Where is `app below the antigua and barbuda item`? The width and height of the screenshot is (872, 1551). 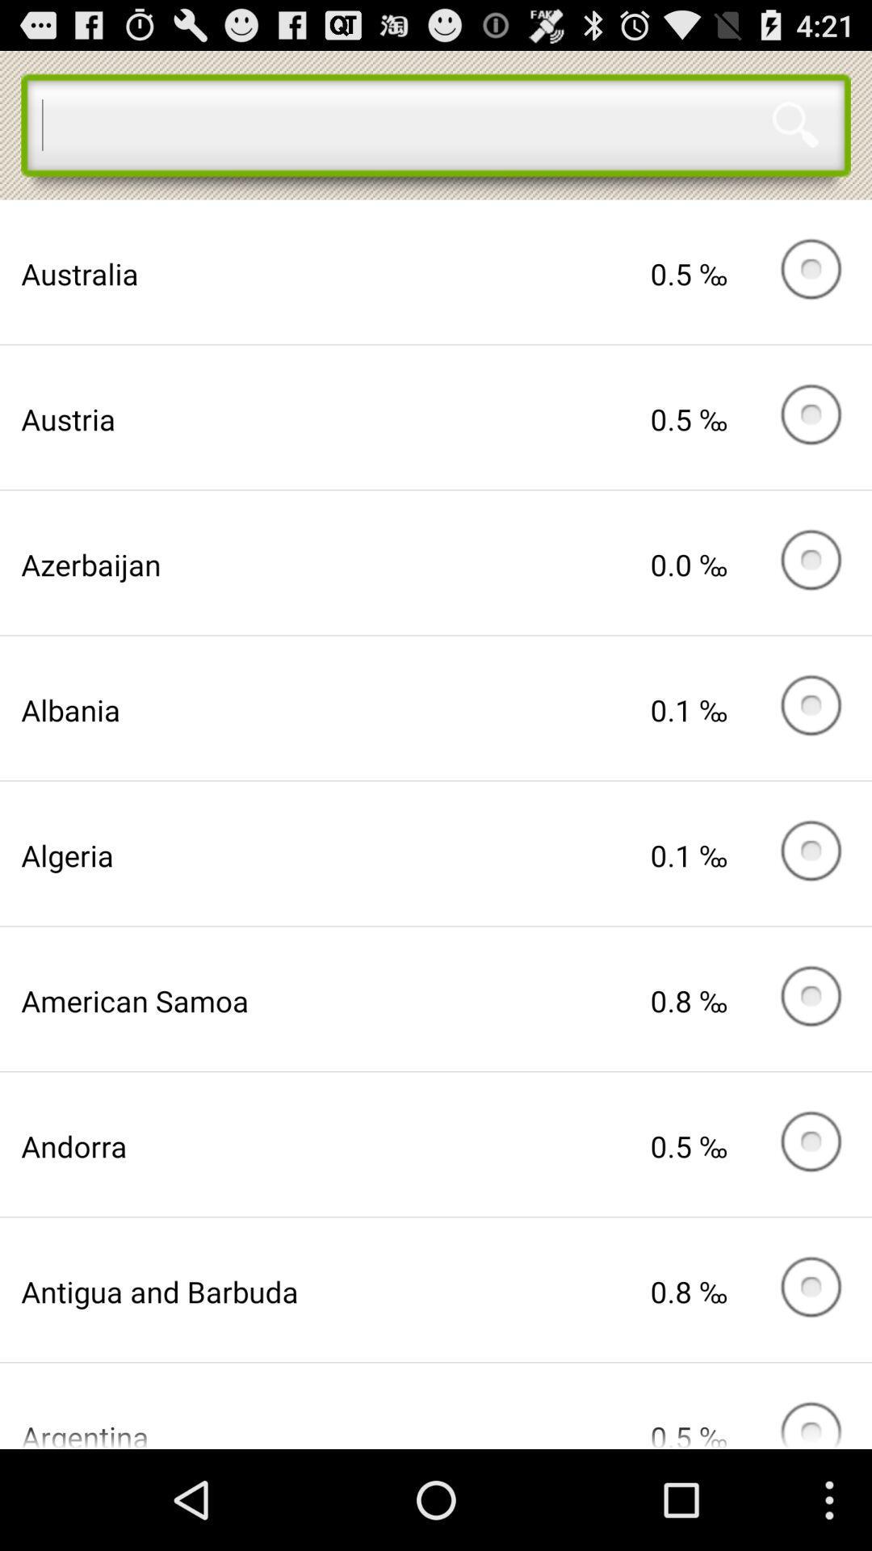 app below the antigua and barbuda item is located at coordinates (334, 1433).